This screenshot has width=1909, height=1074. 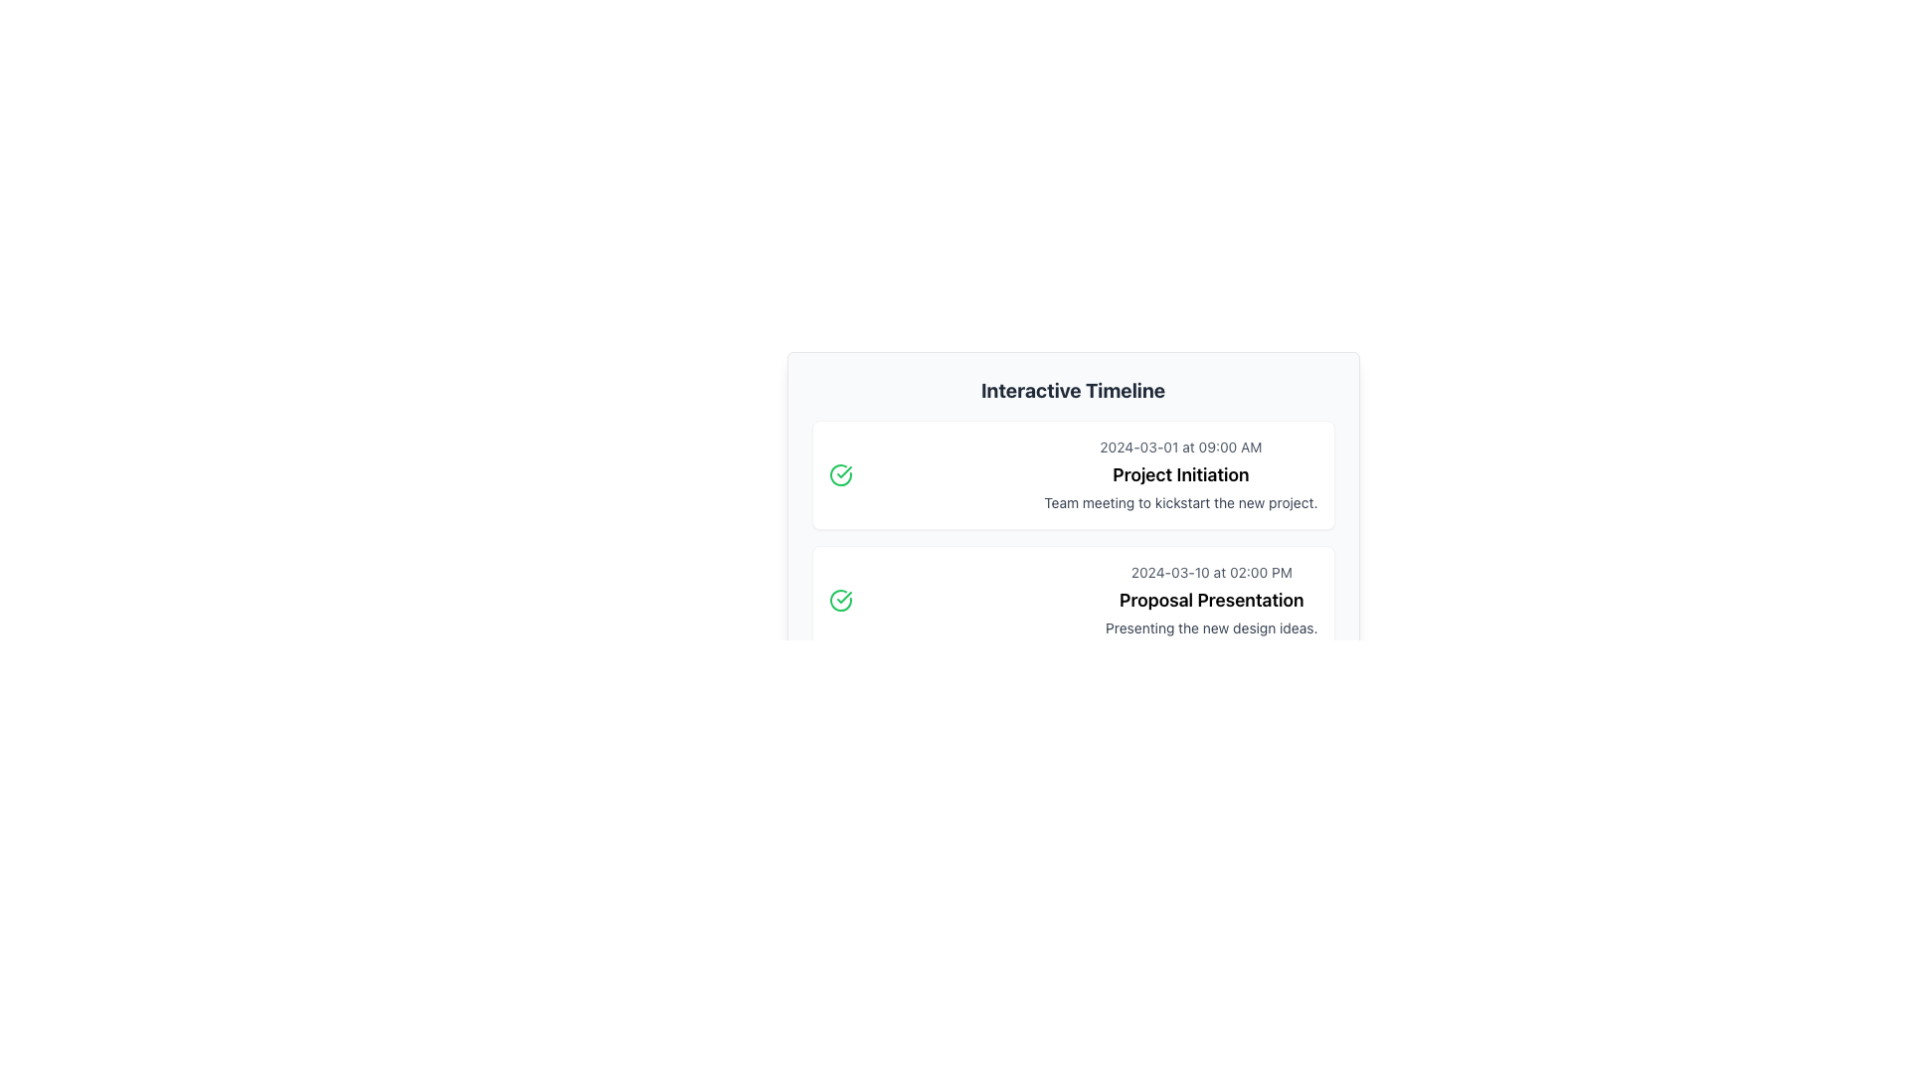 I want to click on the descriptive subtitle text element that provides details about the 'Project Initiation' event in the timeline, so click(x=1180, y=501).